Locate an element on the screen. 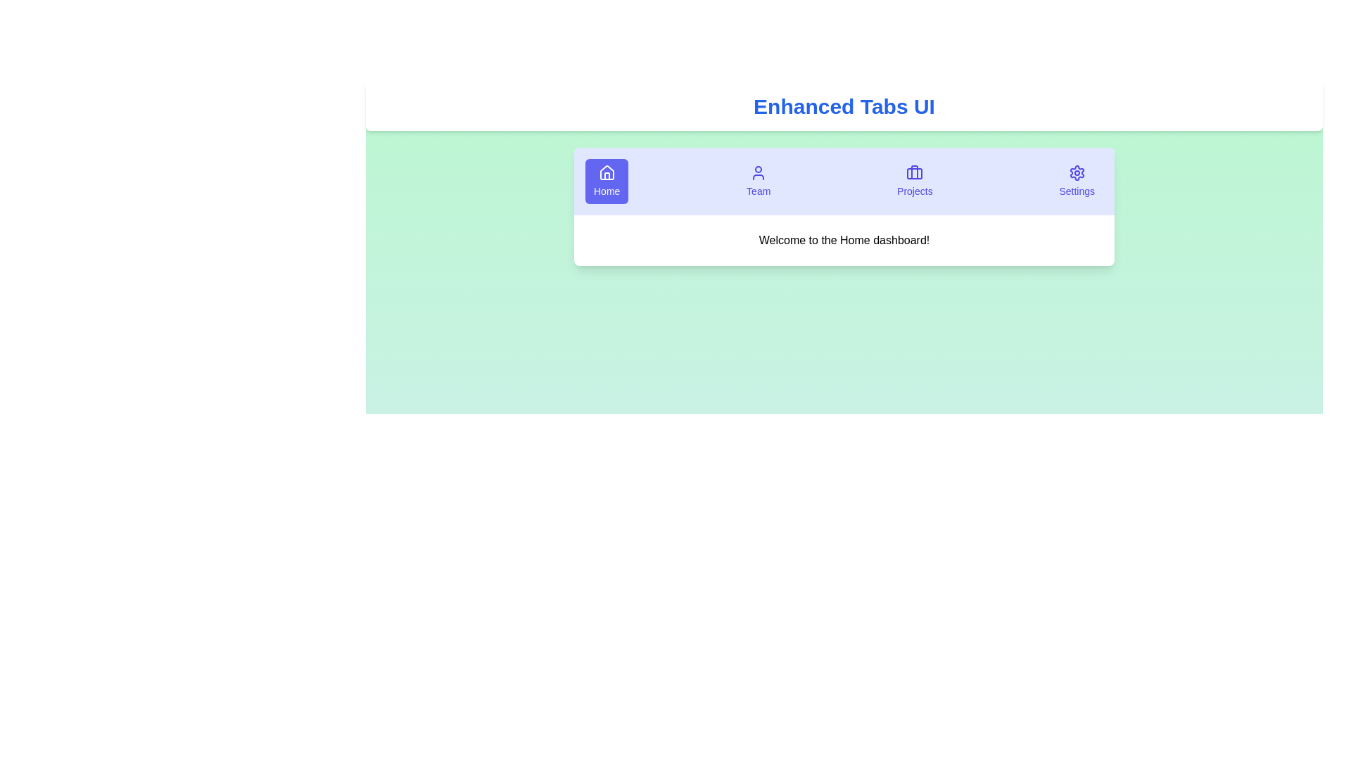  the settings navigation button is located at coordinates (1076, 181).